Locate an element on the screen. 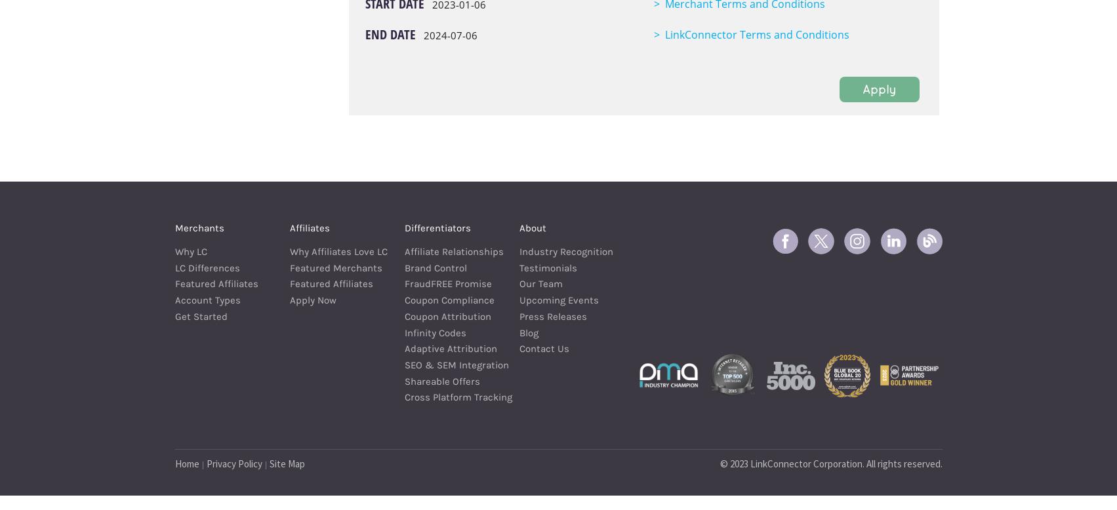 The width and height of the screenshot is (1117, 510). 'Apply Now' is located at coordinates (289, 300).